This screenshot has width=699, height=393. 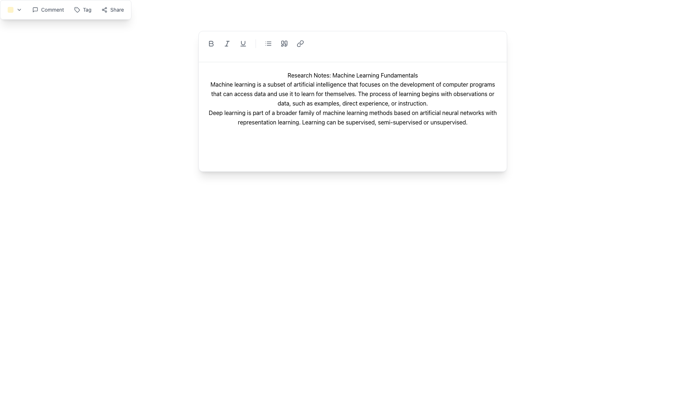 I want to click on the gray quotation mark icon located in the upper-right portion of the toolbar, so click(x=284, y=43).